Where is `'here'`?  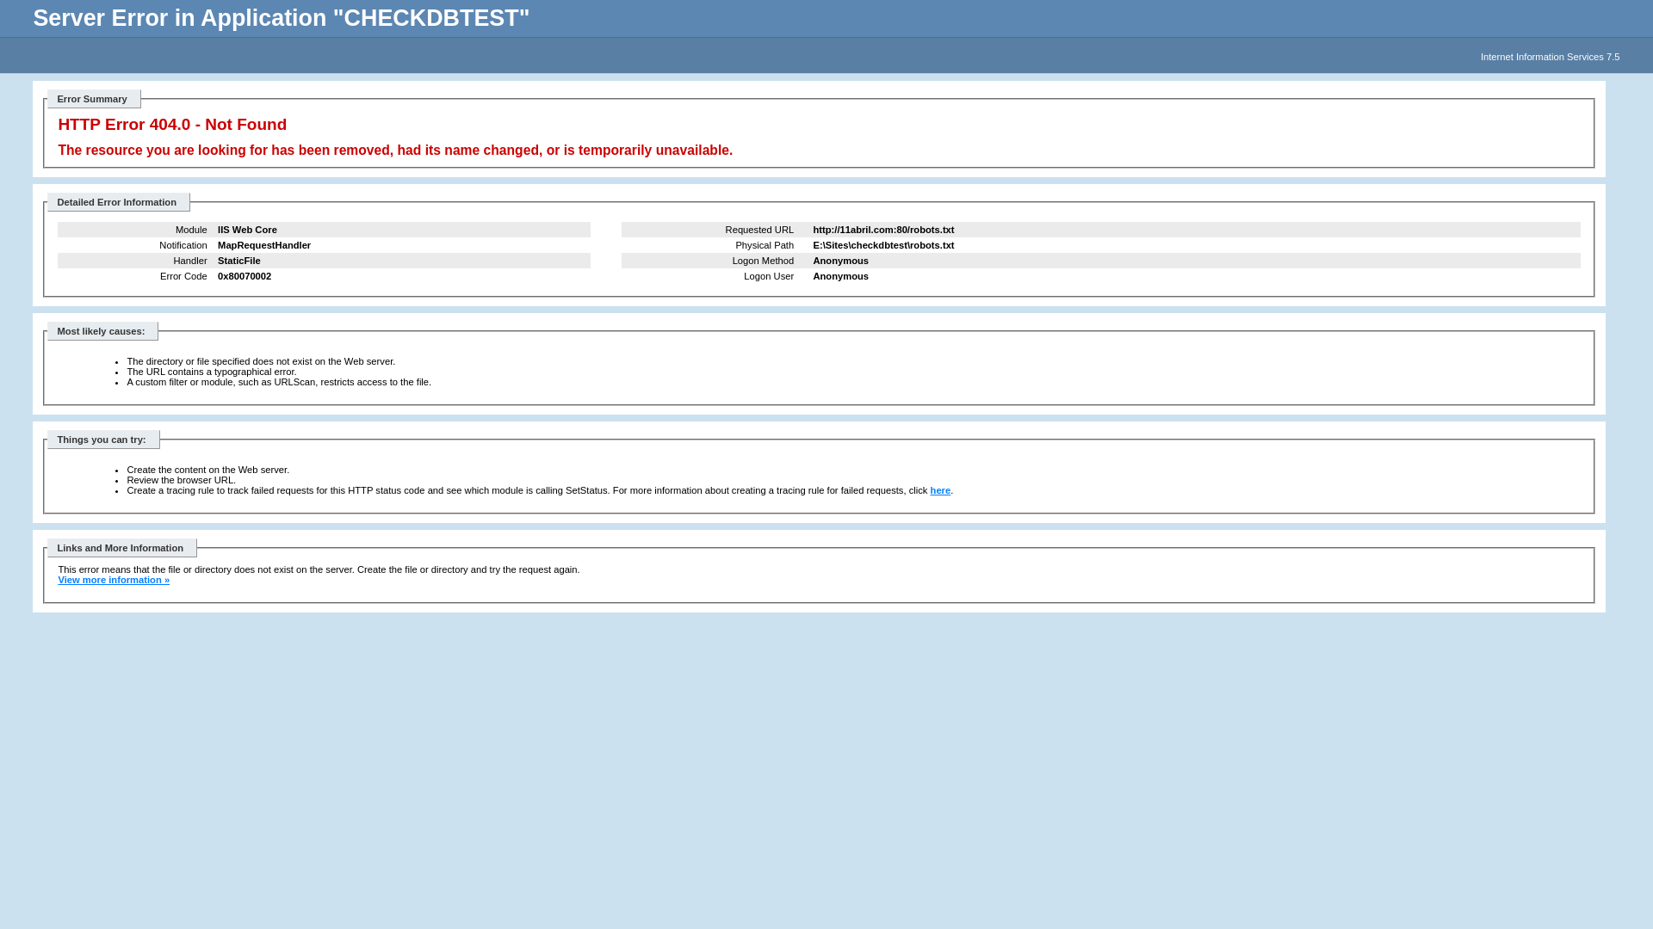 'here' is located at coordinates (940, 490).